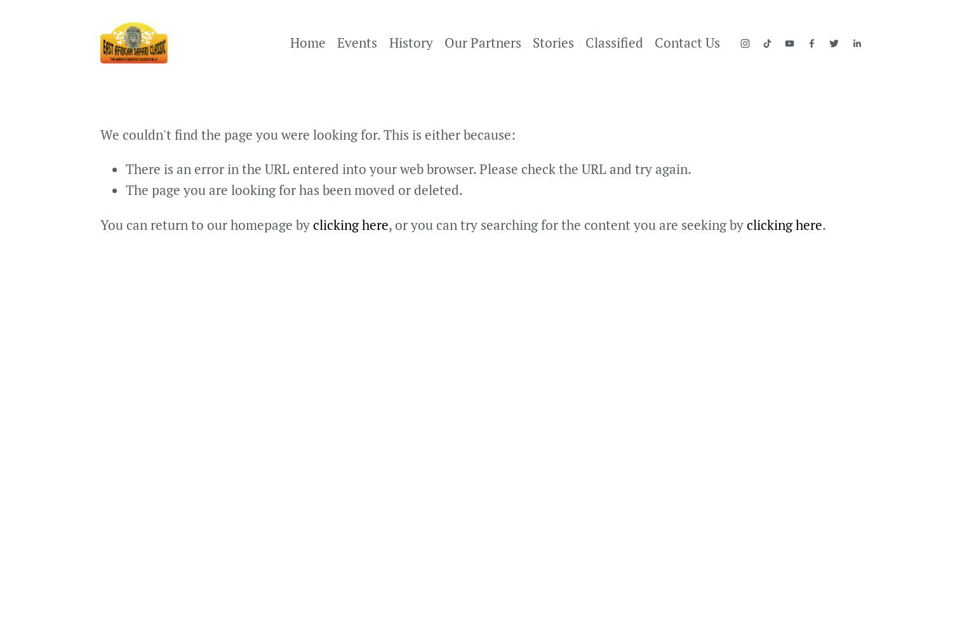 This screenshot has width=962, height=635. I want to click on 'Classified', so click(614, 41).